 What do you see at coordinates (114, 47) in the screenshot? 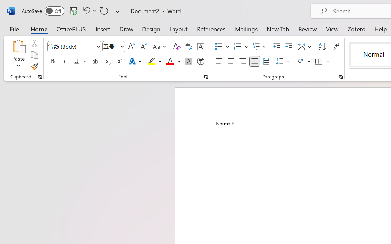
I see `'Font Size'` at bounding box center [114, 47].